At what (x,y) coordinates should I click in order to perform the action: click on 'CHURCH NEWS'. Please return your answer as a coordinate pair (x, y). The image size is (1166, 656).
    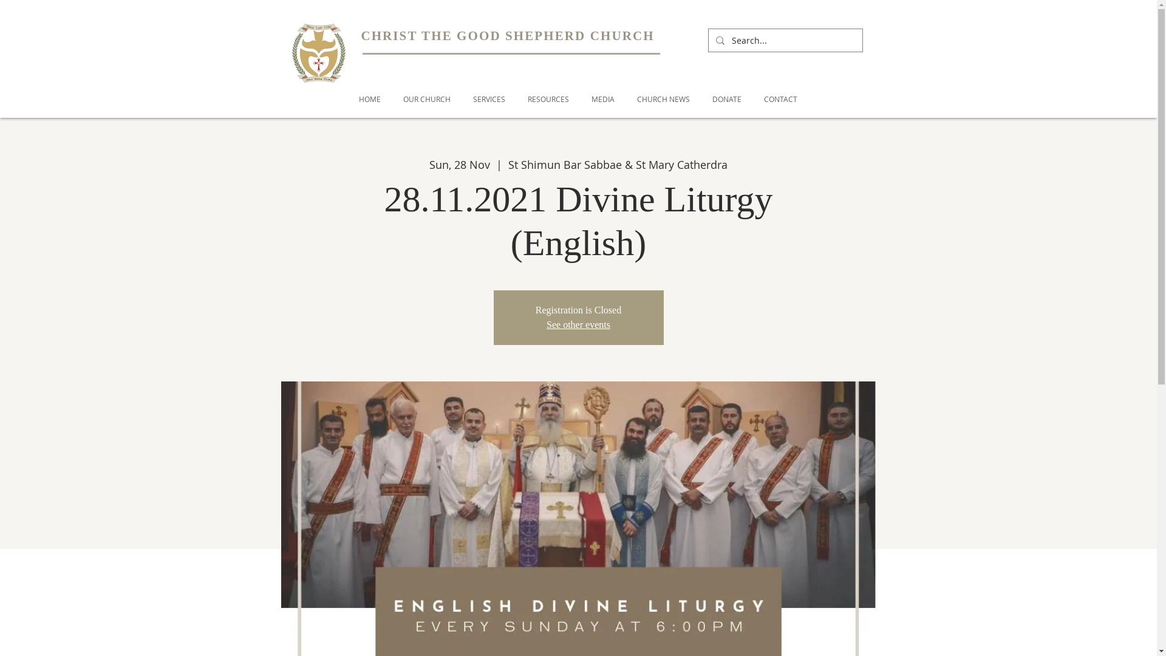
    Looking at the image, I should click on (663, 98).